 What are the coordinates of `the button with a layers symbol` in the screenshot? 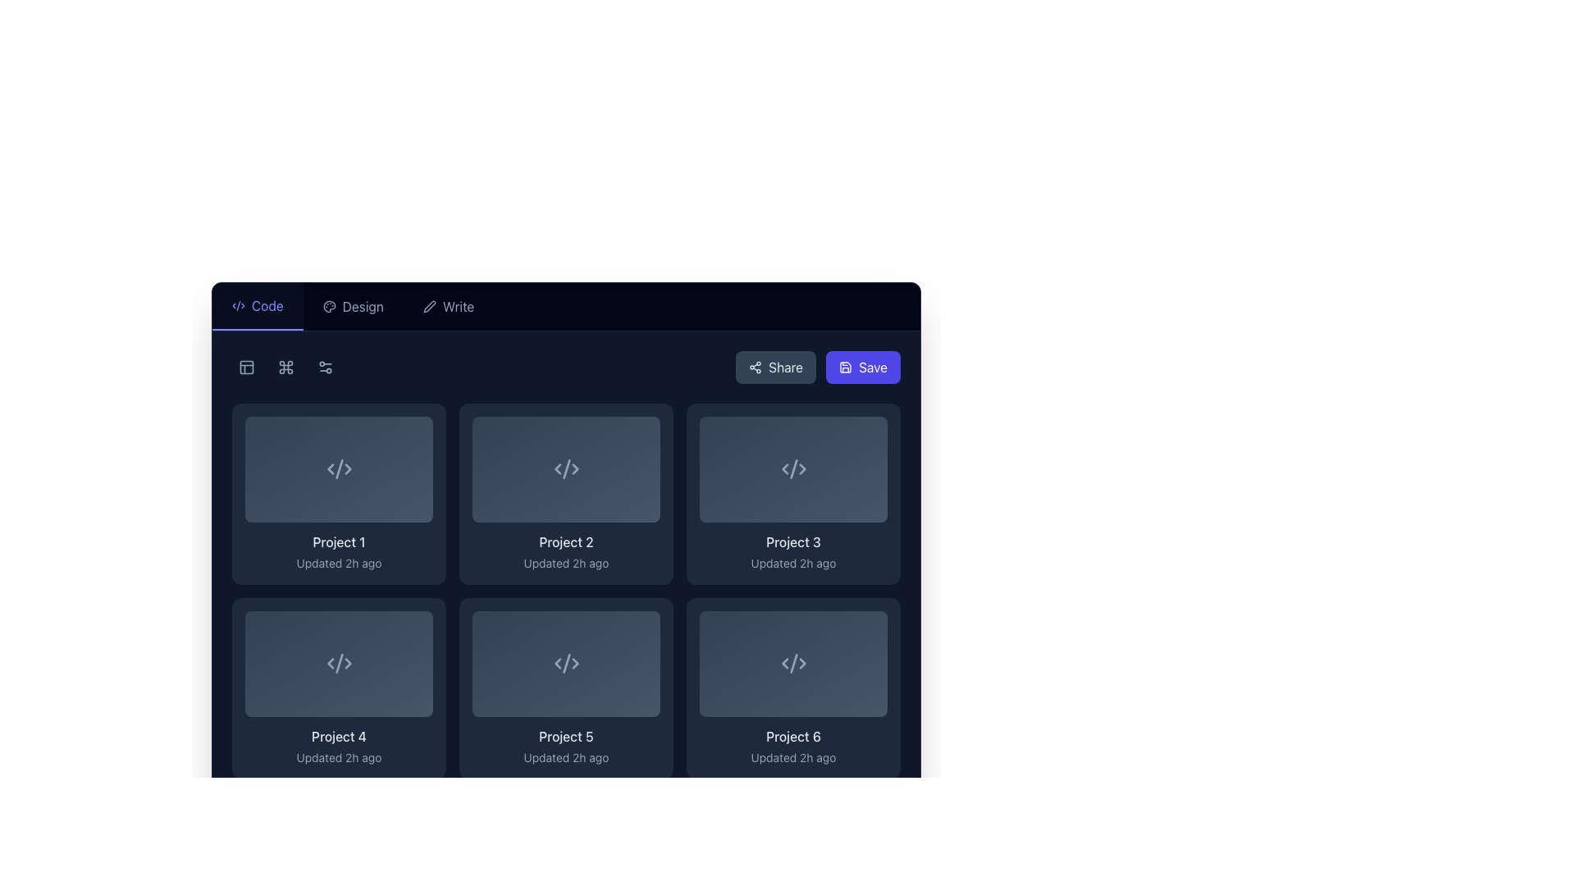 It's located at (429, 419).